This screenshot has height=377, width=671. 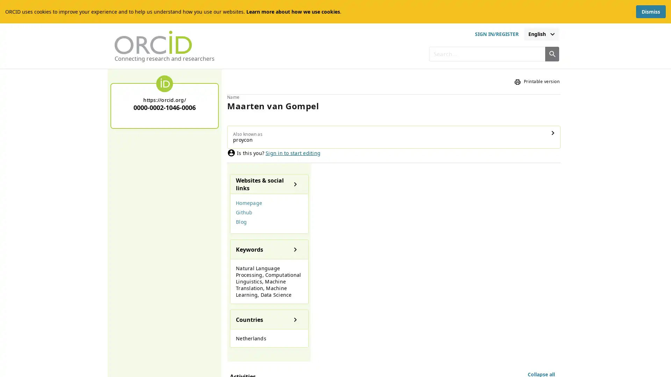 What do you see at coordinates (383, 127) in the screenshot?
I see `Show details` at bounding box center [383, 127].